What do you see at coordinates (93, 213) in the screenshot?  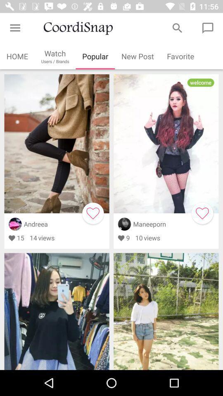 I see `to add the item in the wishlist` at bounding box center [93, 213].